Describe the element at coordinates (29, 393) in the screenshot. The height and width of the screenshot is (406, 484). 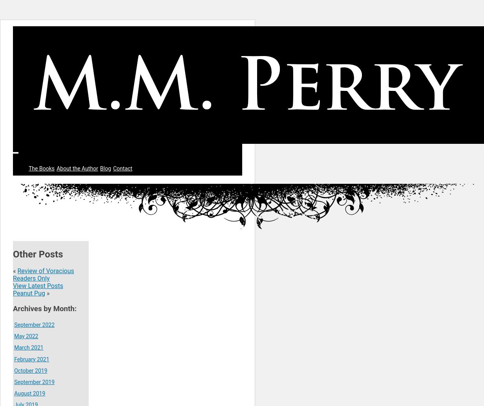
I see `'August 2019'` at that location.